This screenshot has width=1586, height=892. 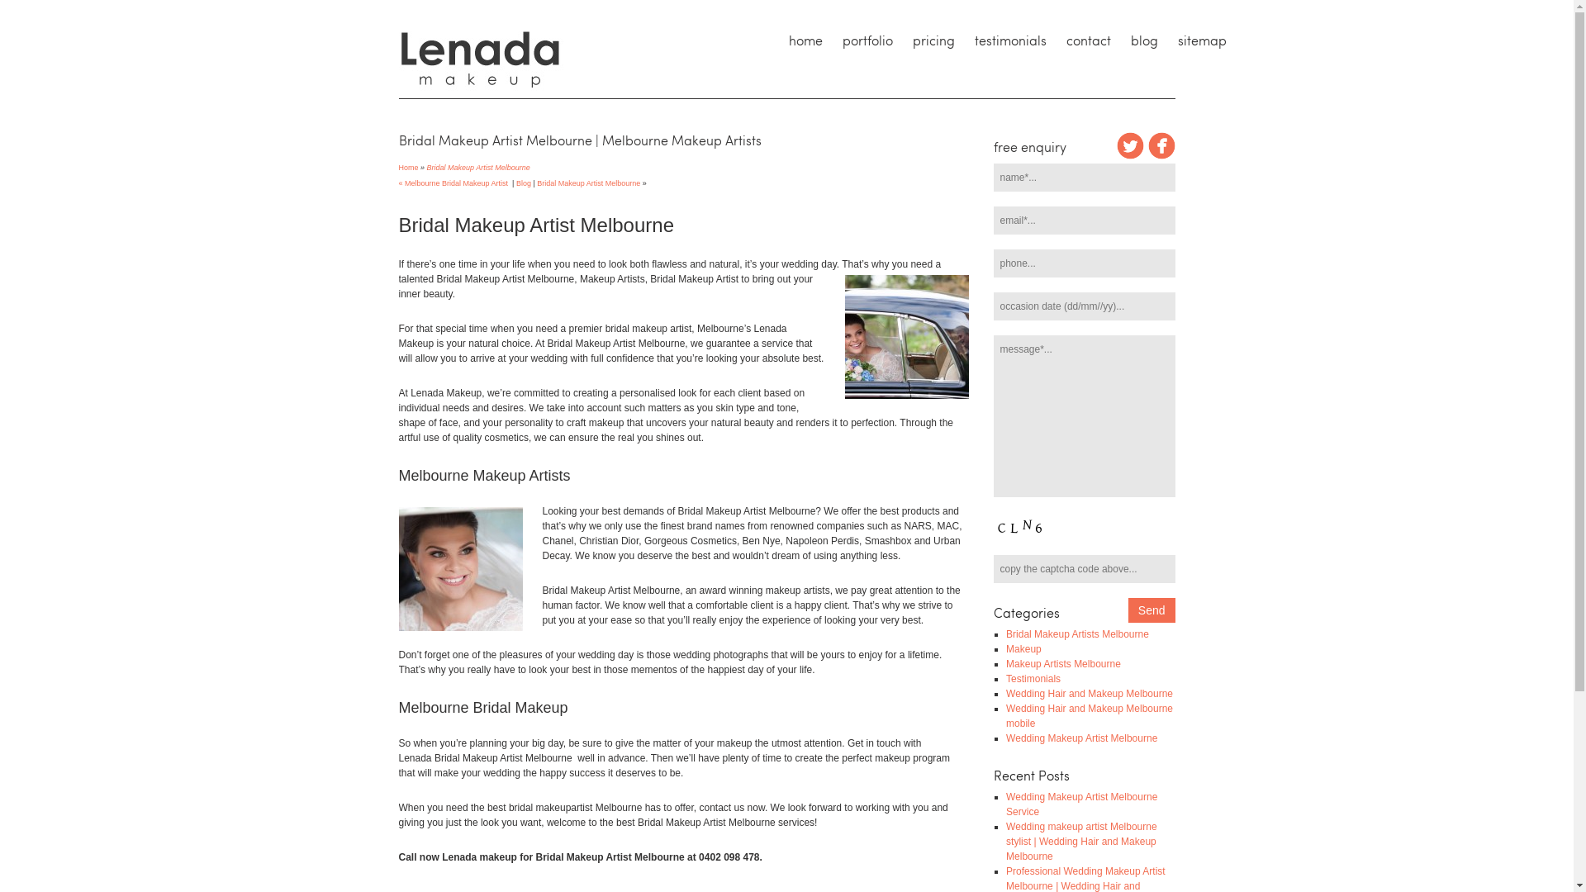 What do you see at coordinates (1142, 40) in the screenshot?
I see `'blog'` at bounding box center [1142, 40].